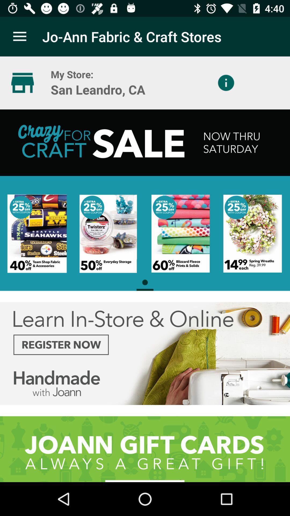  Describe the element at coordinates (19, 36) in the screenshot. I see `app to the left of jo ann fabric app` at that location.